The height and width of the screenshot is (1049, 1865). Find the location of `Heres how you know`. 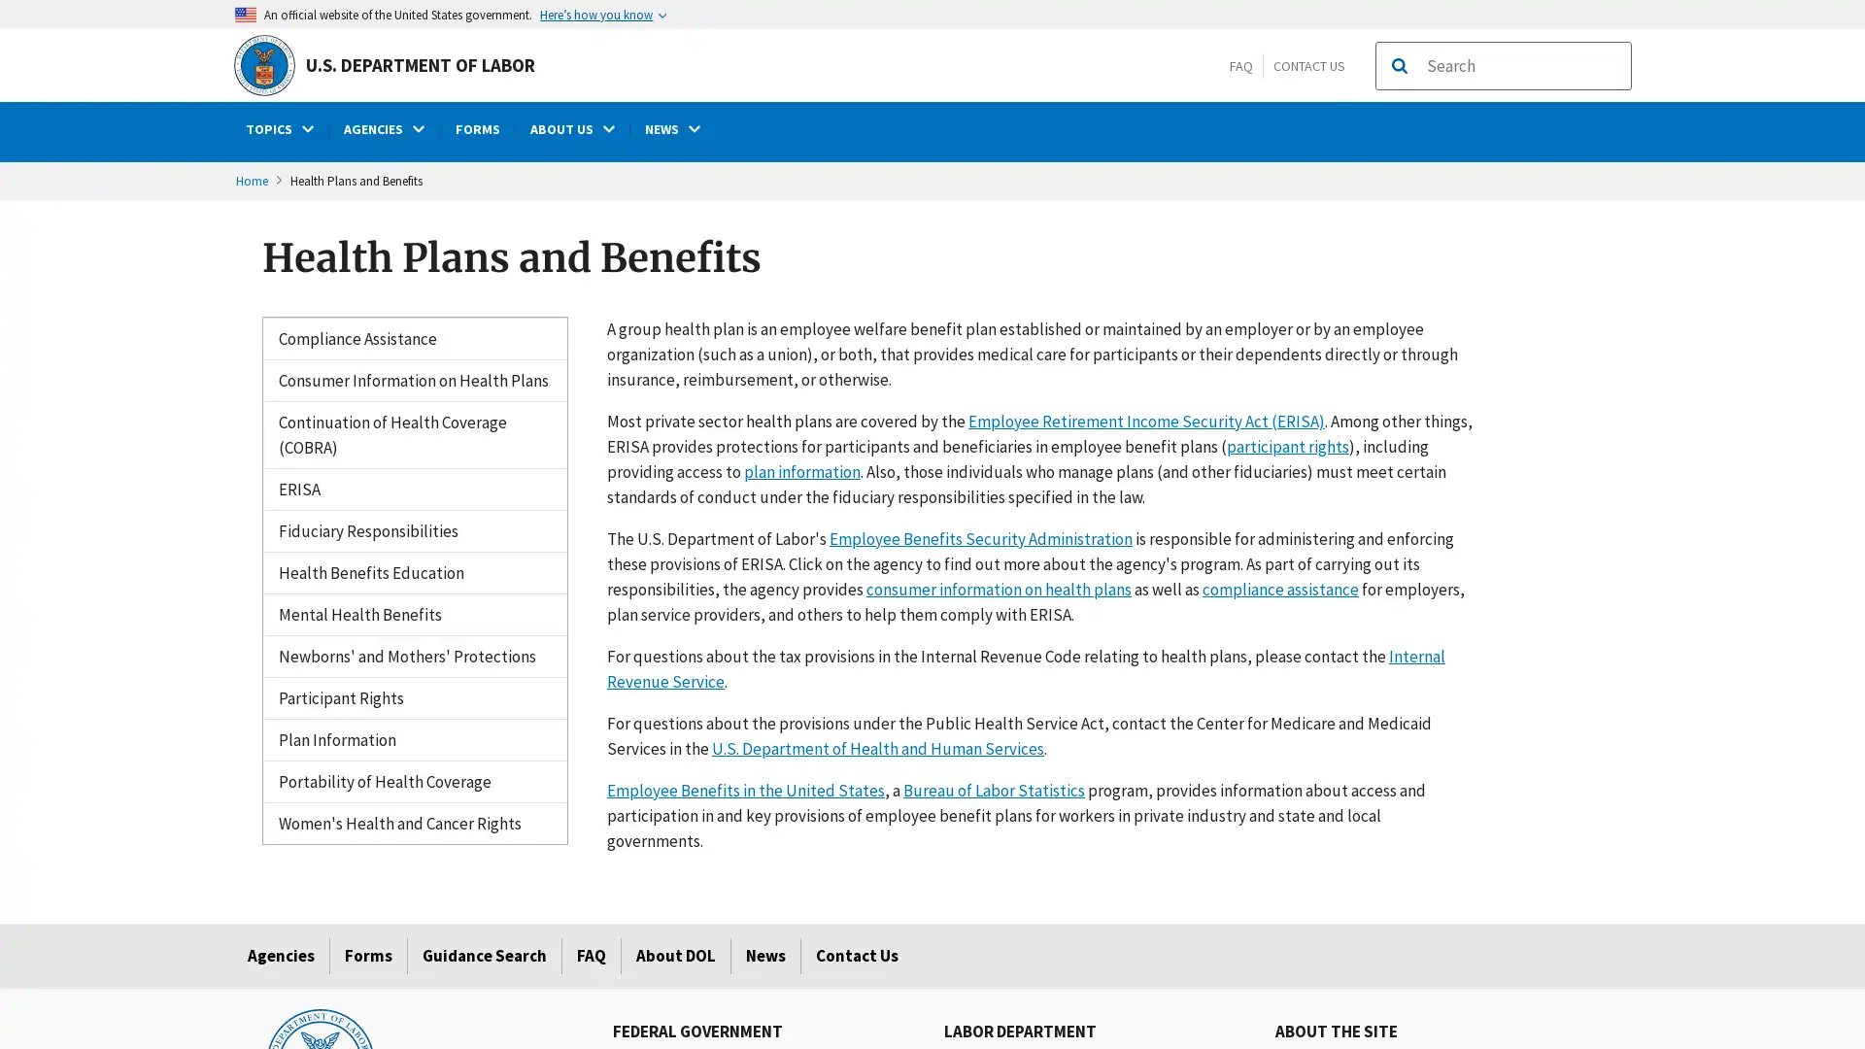

Heres how you know is located at coordinates (601, 14).